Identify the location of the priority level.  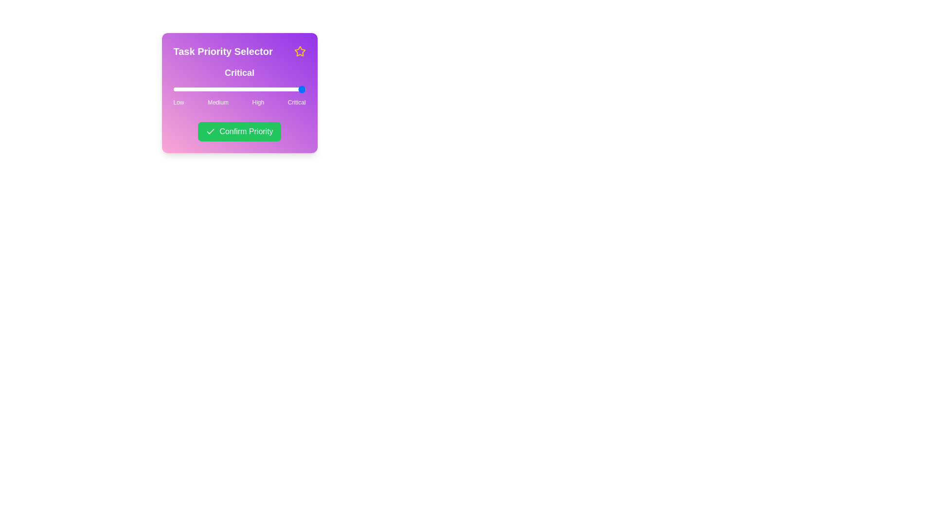
(173, 89).